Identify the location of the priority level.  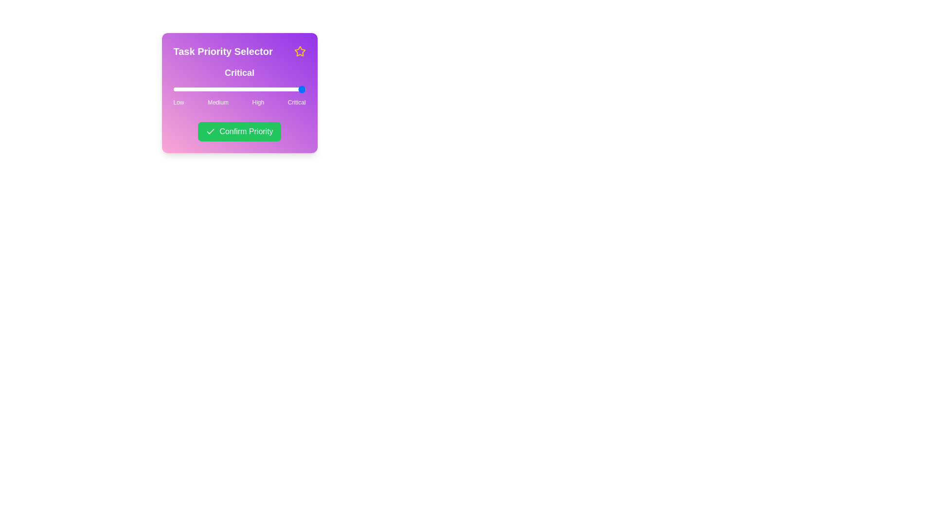
(173, 89).